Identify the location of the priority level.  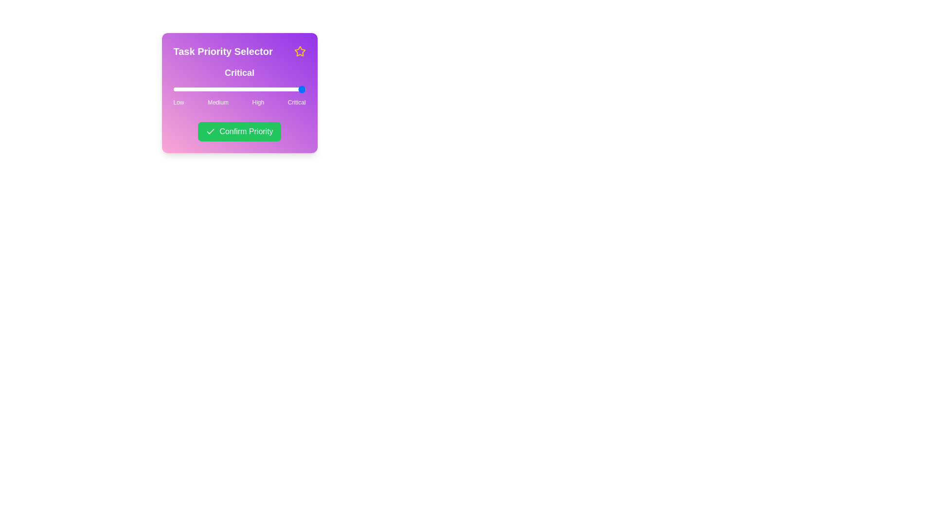
(173, 89).